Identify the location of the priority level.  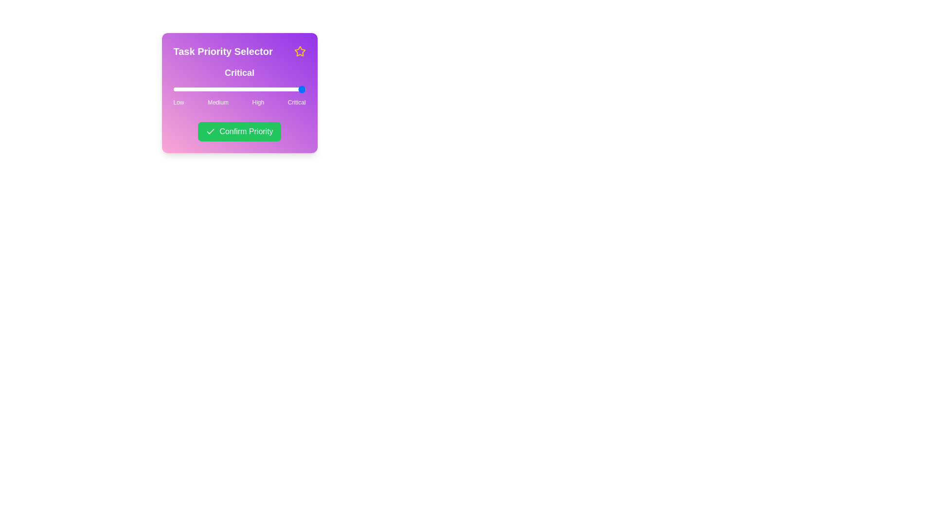
(173, 89).